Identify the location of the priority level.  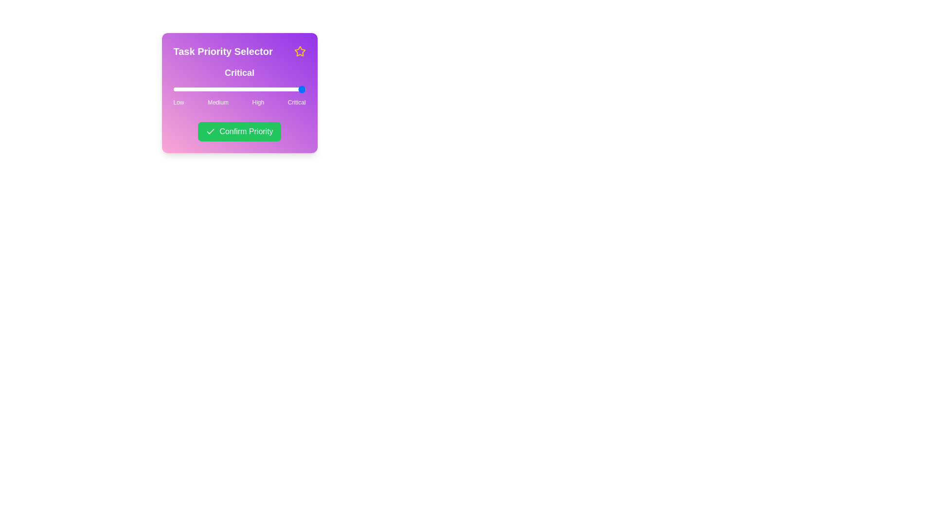
(173, 89).